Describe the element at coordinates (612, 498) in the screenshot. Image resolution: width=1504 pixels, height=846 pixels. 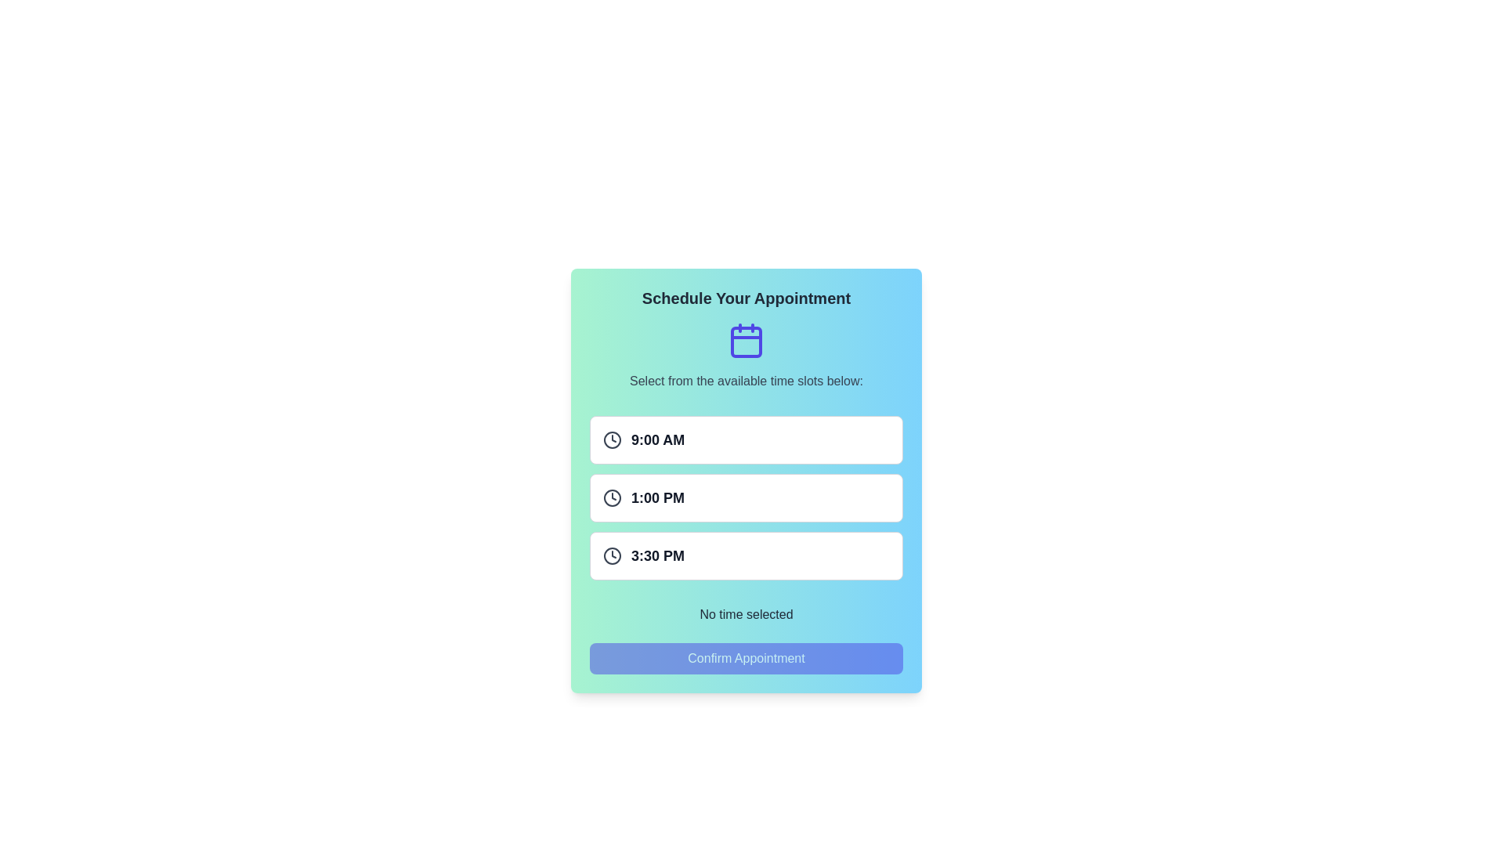
I see `the circular boundary of the clock icon associated with the second time slot, aligned with '1:00 PM'` at that location.